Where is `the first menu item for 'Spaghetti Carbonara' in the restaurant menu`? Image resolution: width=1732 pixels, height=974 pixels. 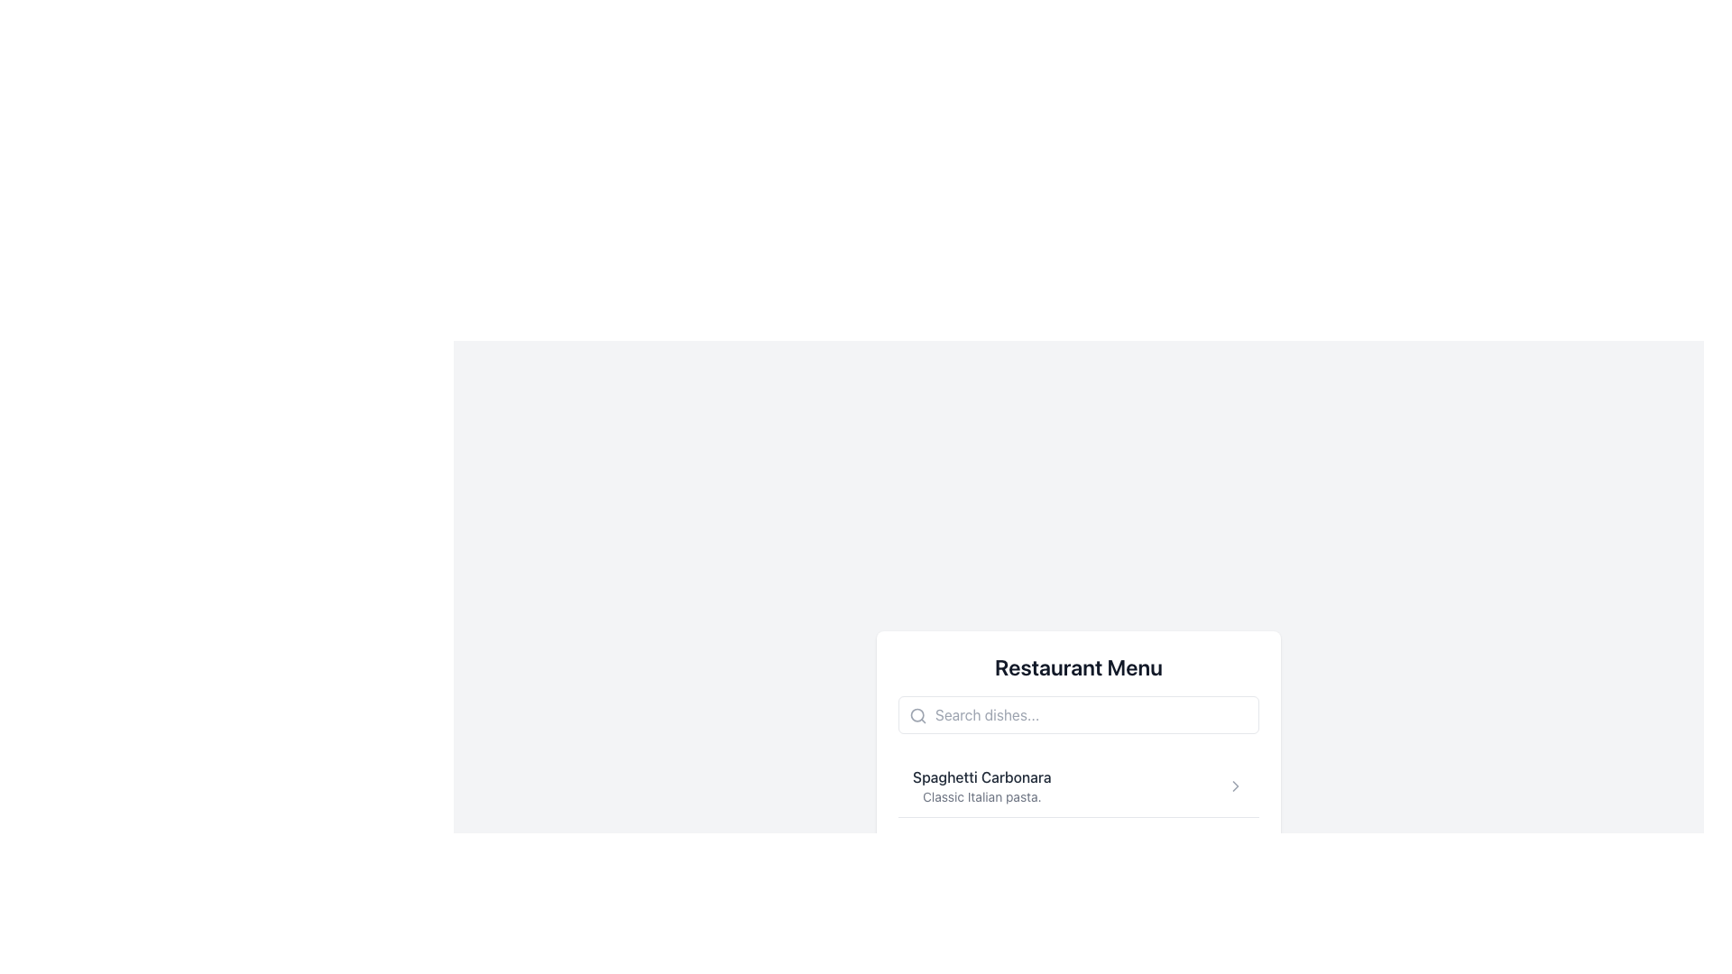
the first menu item for 'Spaghetti Carbonara' in the restaurant menu is located at coordinates (1078, 785).